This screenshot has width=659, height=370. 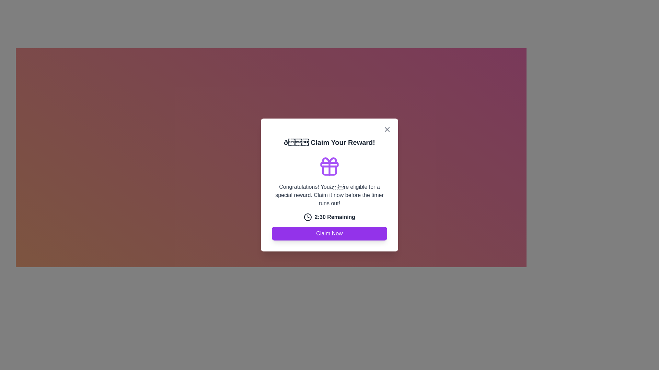 I want to click on the close button located in the top-right corner of the dialog box with the title 'Claim Your Reward!', so click(x=387, y=129).